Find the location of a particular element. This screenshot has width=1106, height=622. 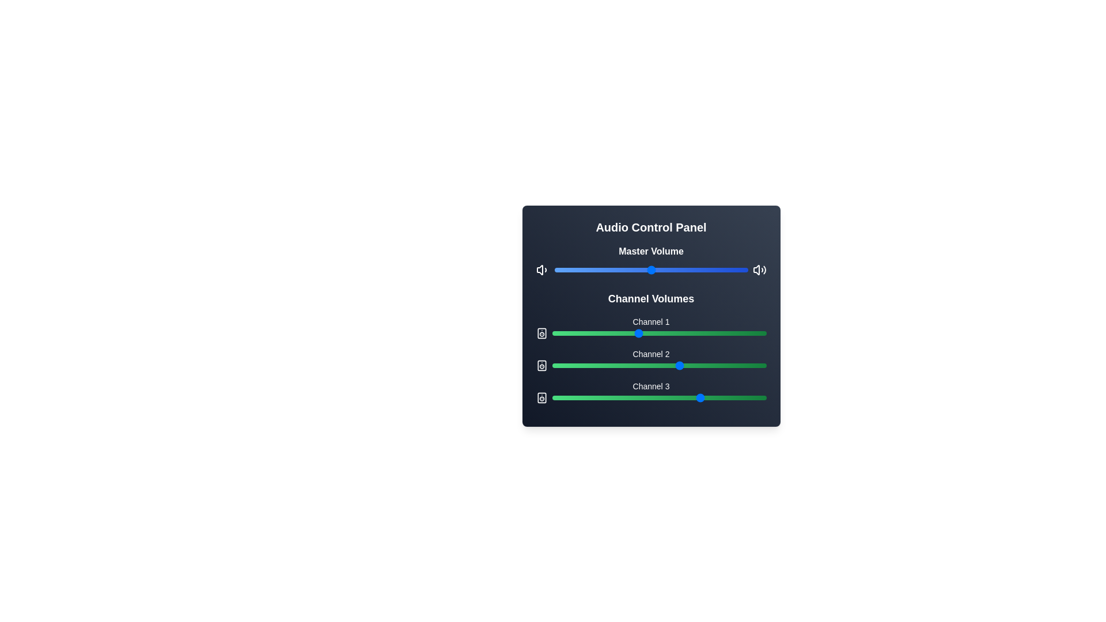

the slider value is located at coordinates (710, 333).